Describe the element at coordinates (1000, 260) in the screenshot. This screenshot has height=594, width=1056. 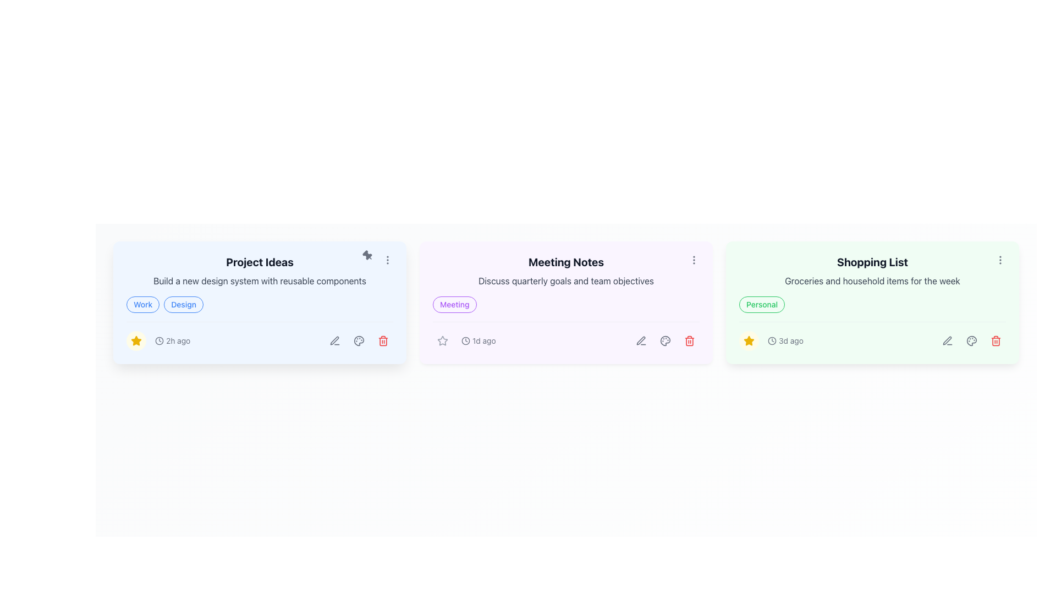
I see `the ellipsis menu icon button located in the top-right corner of the green 'Shopping List' card` at that location.